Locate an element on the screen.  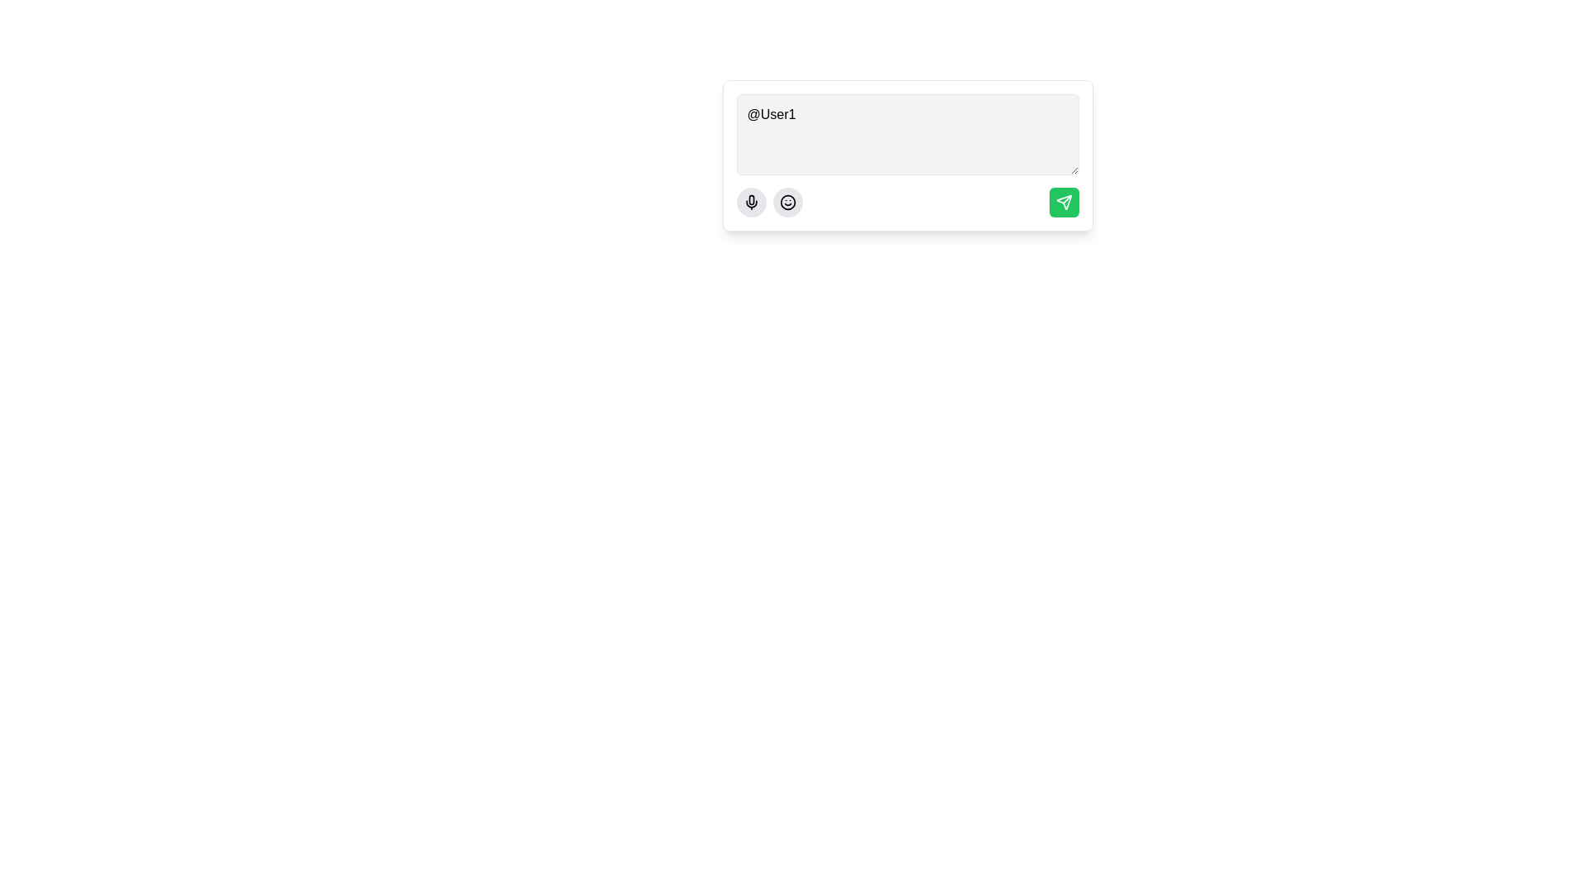
the circular button with a gray background and a smiley face icon is located at coordinates (787, 202).